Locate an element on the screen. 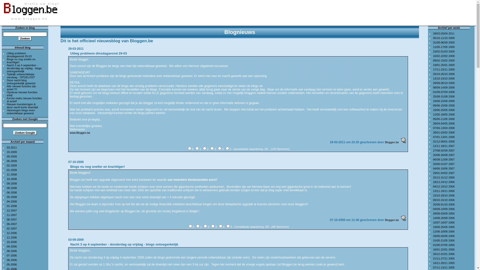  '11-2007' is located at coordinates (12, 215).